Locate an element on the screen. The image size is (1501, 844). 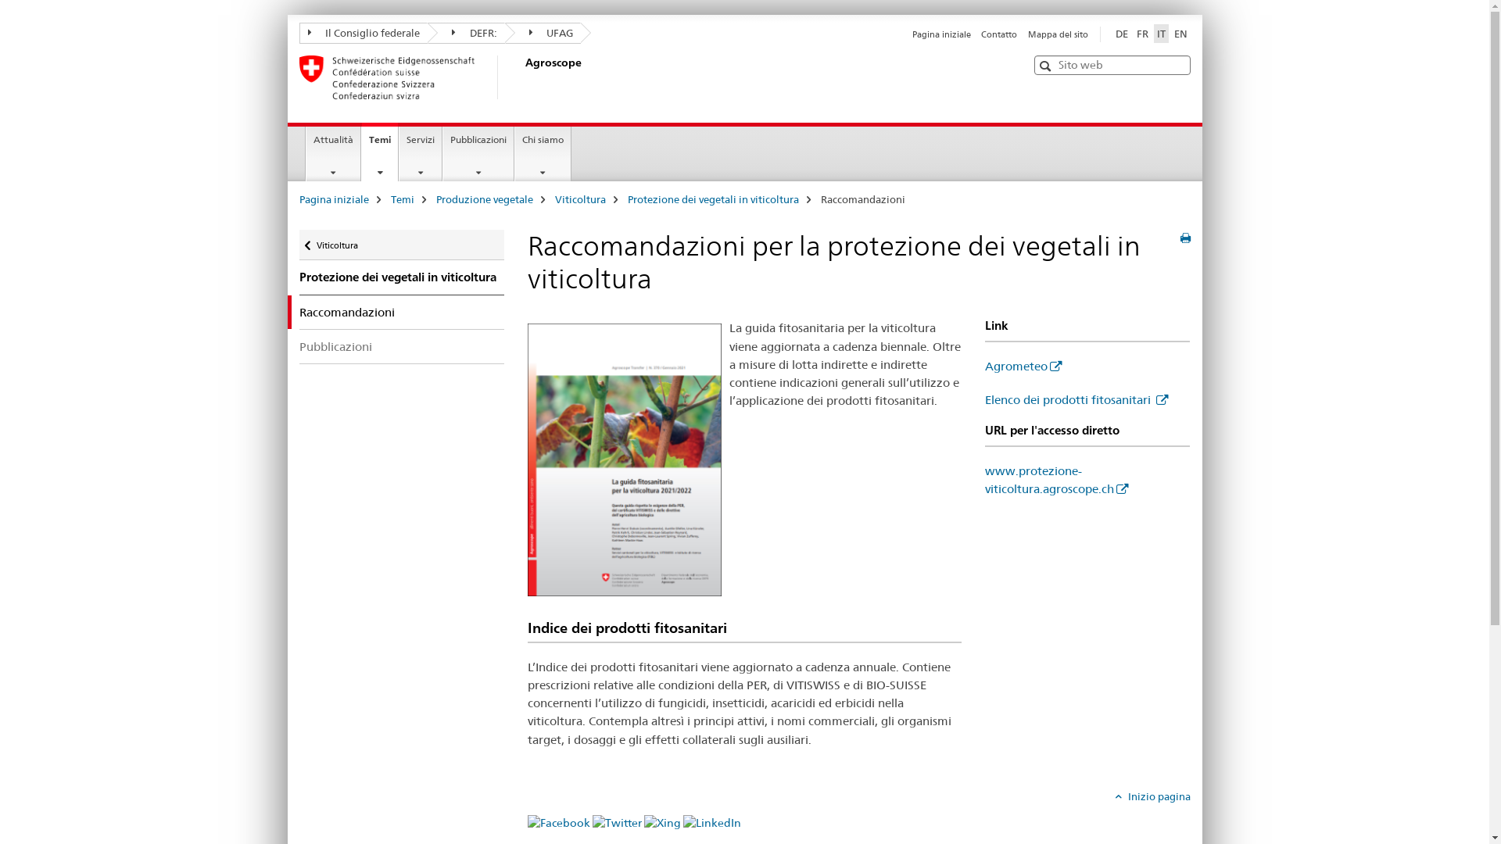
'Agroscope' is located at coordinates (521, 77).